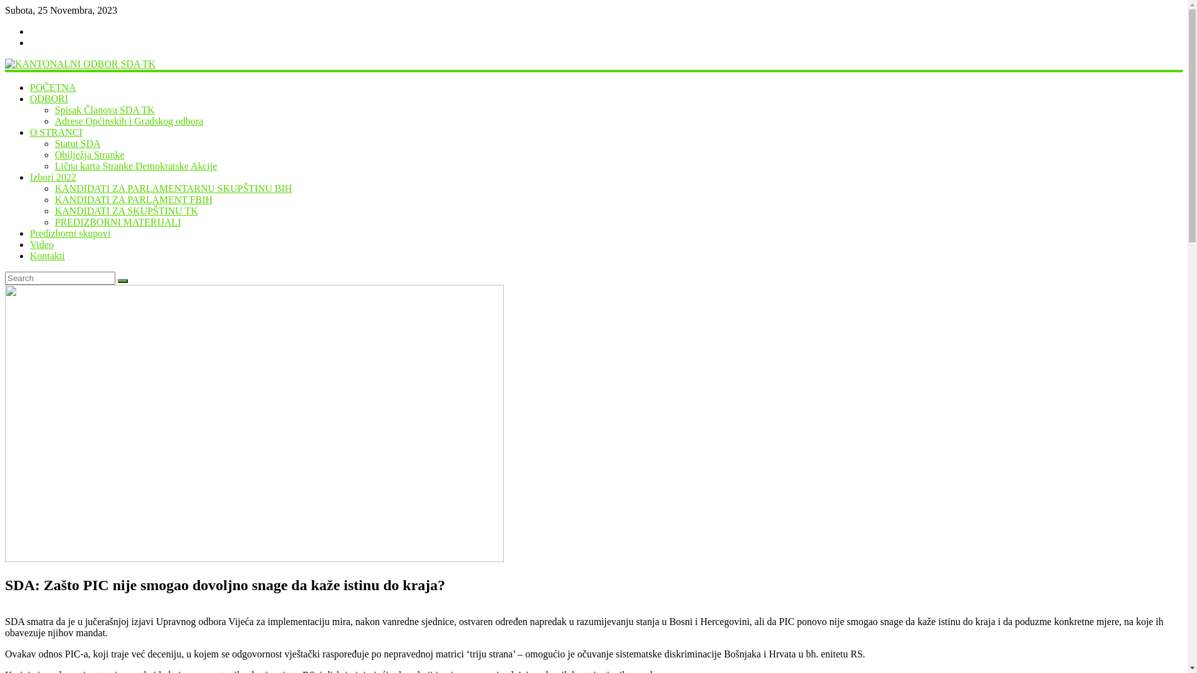 This screenshot has width=1197, height=673. I want to click on 'O STRANCI', so click(55, 132).